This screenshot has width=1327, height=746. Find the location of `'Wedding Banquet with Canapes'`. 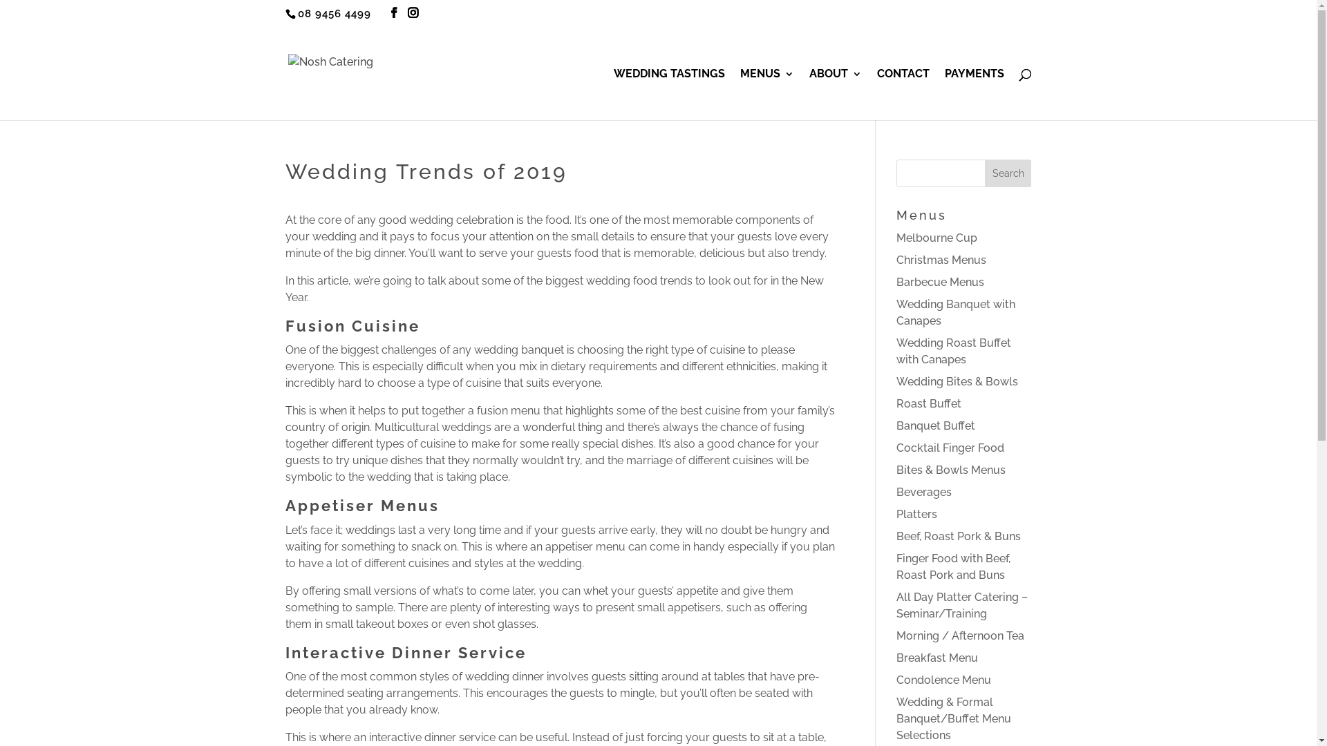

'Wedding Banquet with Canapes' is located at coordinates (954, 312).